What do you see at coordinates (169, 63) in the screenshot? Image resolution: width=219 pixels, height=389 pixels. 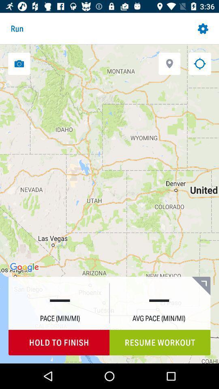 I see `open location settings` at bounding box center [169, 63].